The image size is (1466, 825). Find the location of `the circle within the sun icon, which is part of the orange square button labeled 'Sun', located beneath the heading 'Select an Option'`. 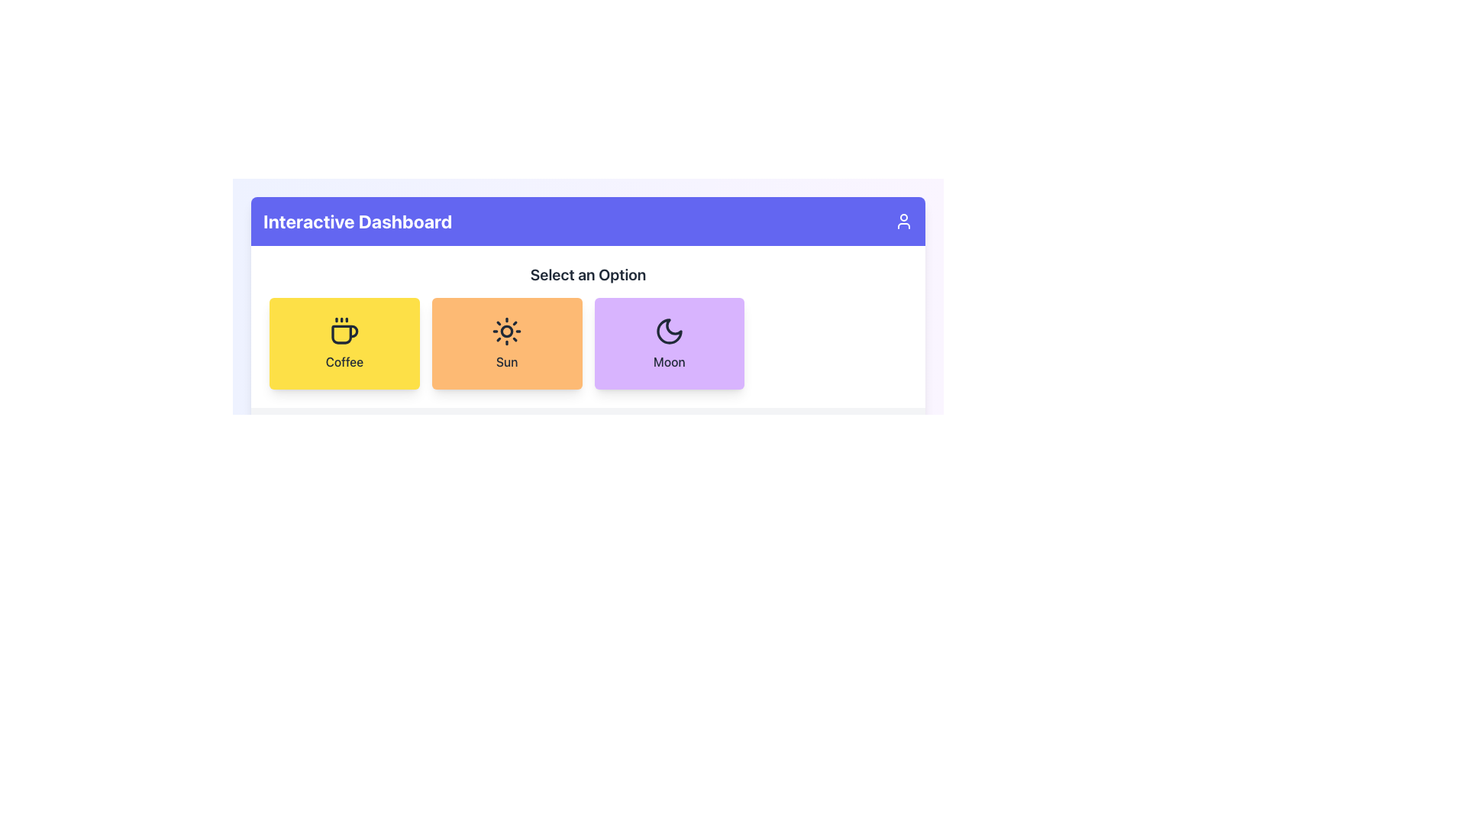

the circle within the sun icon, which is part of the orange square button labeled 'Sun', located beneath the heading 'Select an Option' is located at coordinates (507, 331).